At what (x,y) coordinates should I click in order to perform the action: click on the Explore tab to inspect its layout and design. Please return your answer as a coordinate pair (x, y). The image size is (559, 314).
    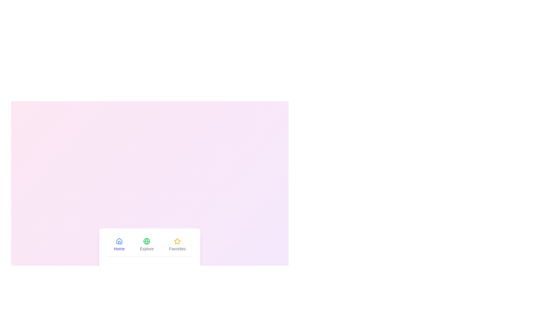
    Looking at the image, I should click on (147, 244).